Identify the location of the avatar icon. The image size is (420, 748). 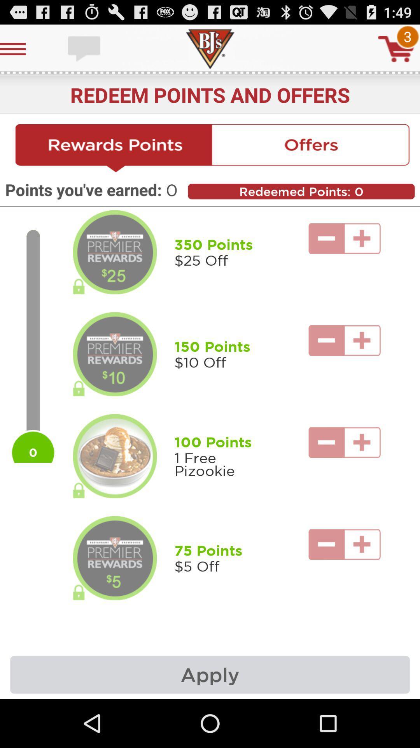
(115, 379).